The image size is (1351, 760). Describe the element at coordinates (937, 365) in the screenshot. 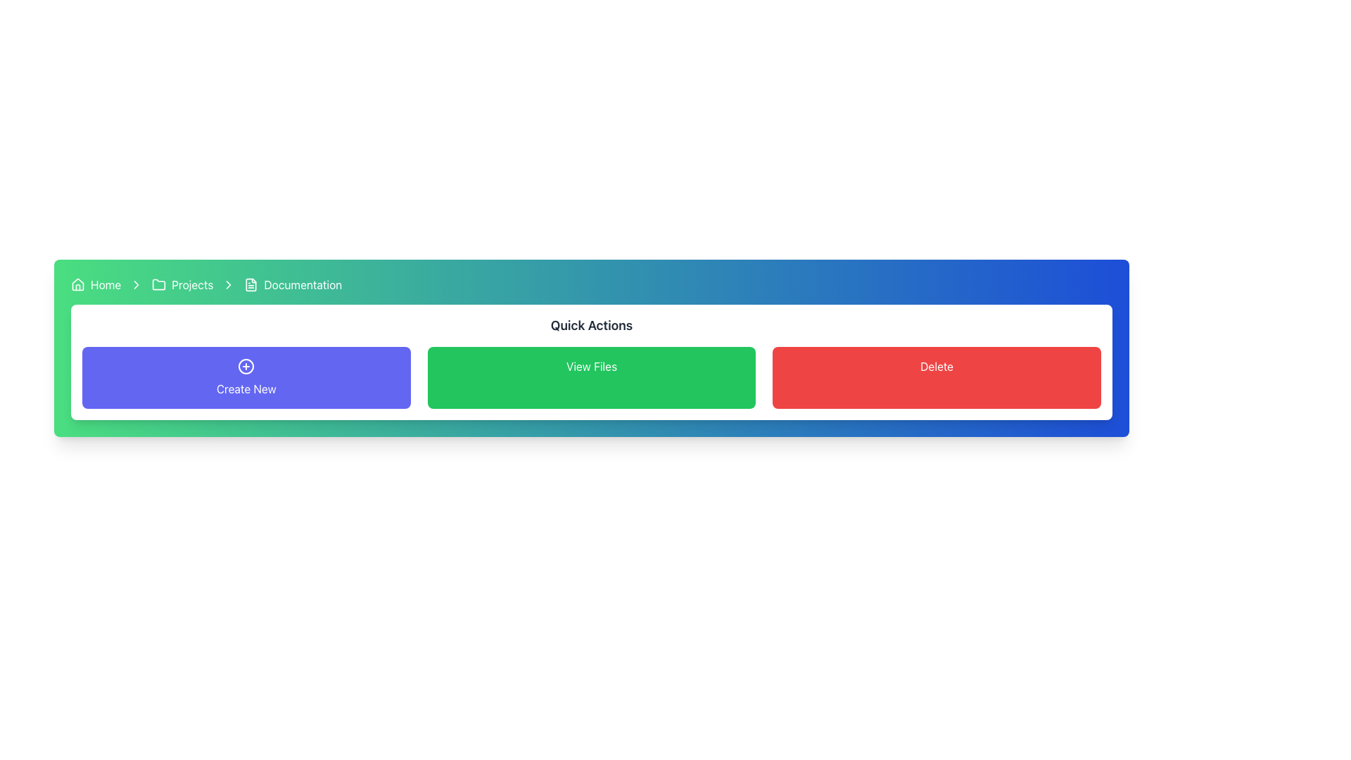

I see `the 'Delete' text label, which is a prominent button displayed in white text on a bright red background, located to the right of two other buttons labeled 'View Files' and 'Create New'` at that location.